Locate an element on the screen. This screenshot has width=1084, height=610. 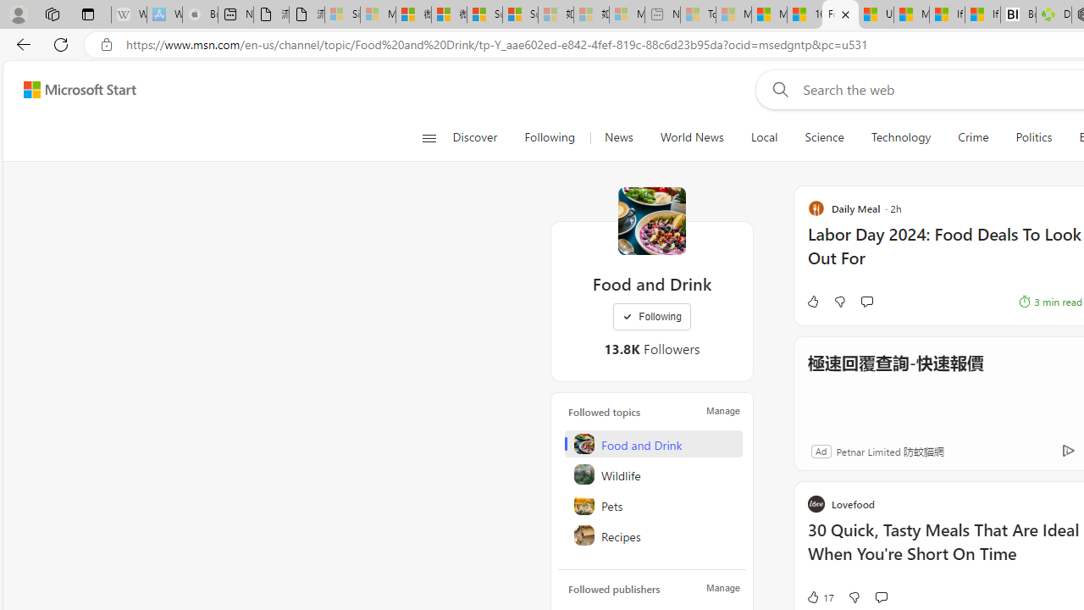
'Start the conversation' is located at coordinates (881, 596).